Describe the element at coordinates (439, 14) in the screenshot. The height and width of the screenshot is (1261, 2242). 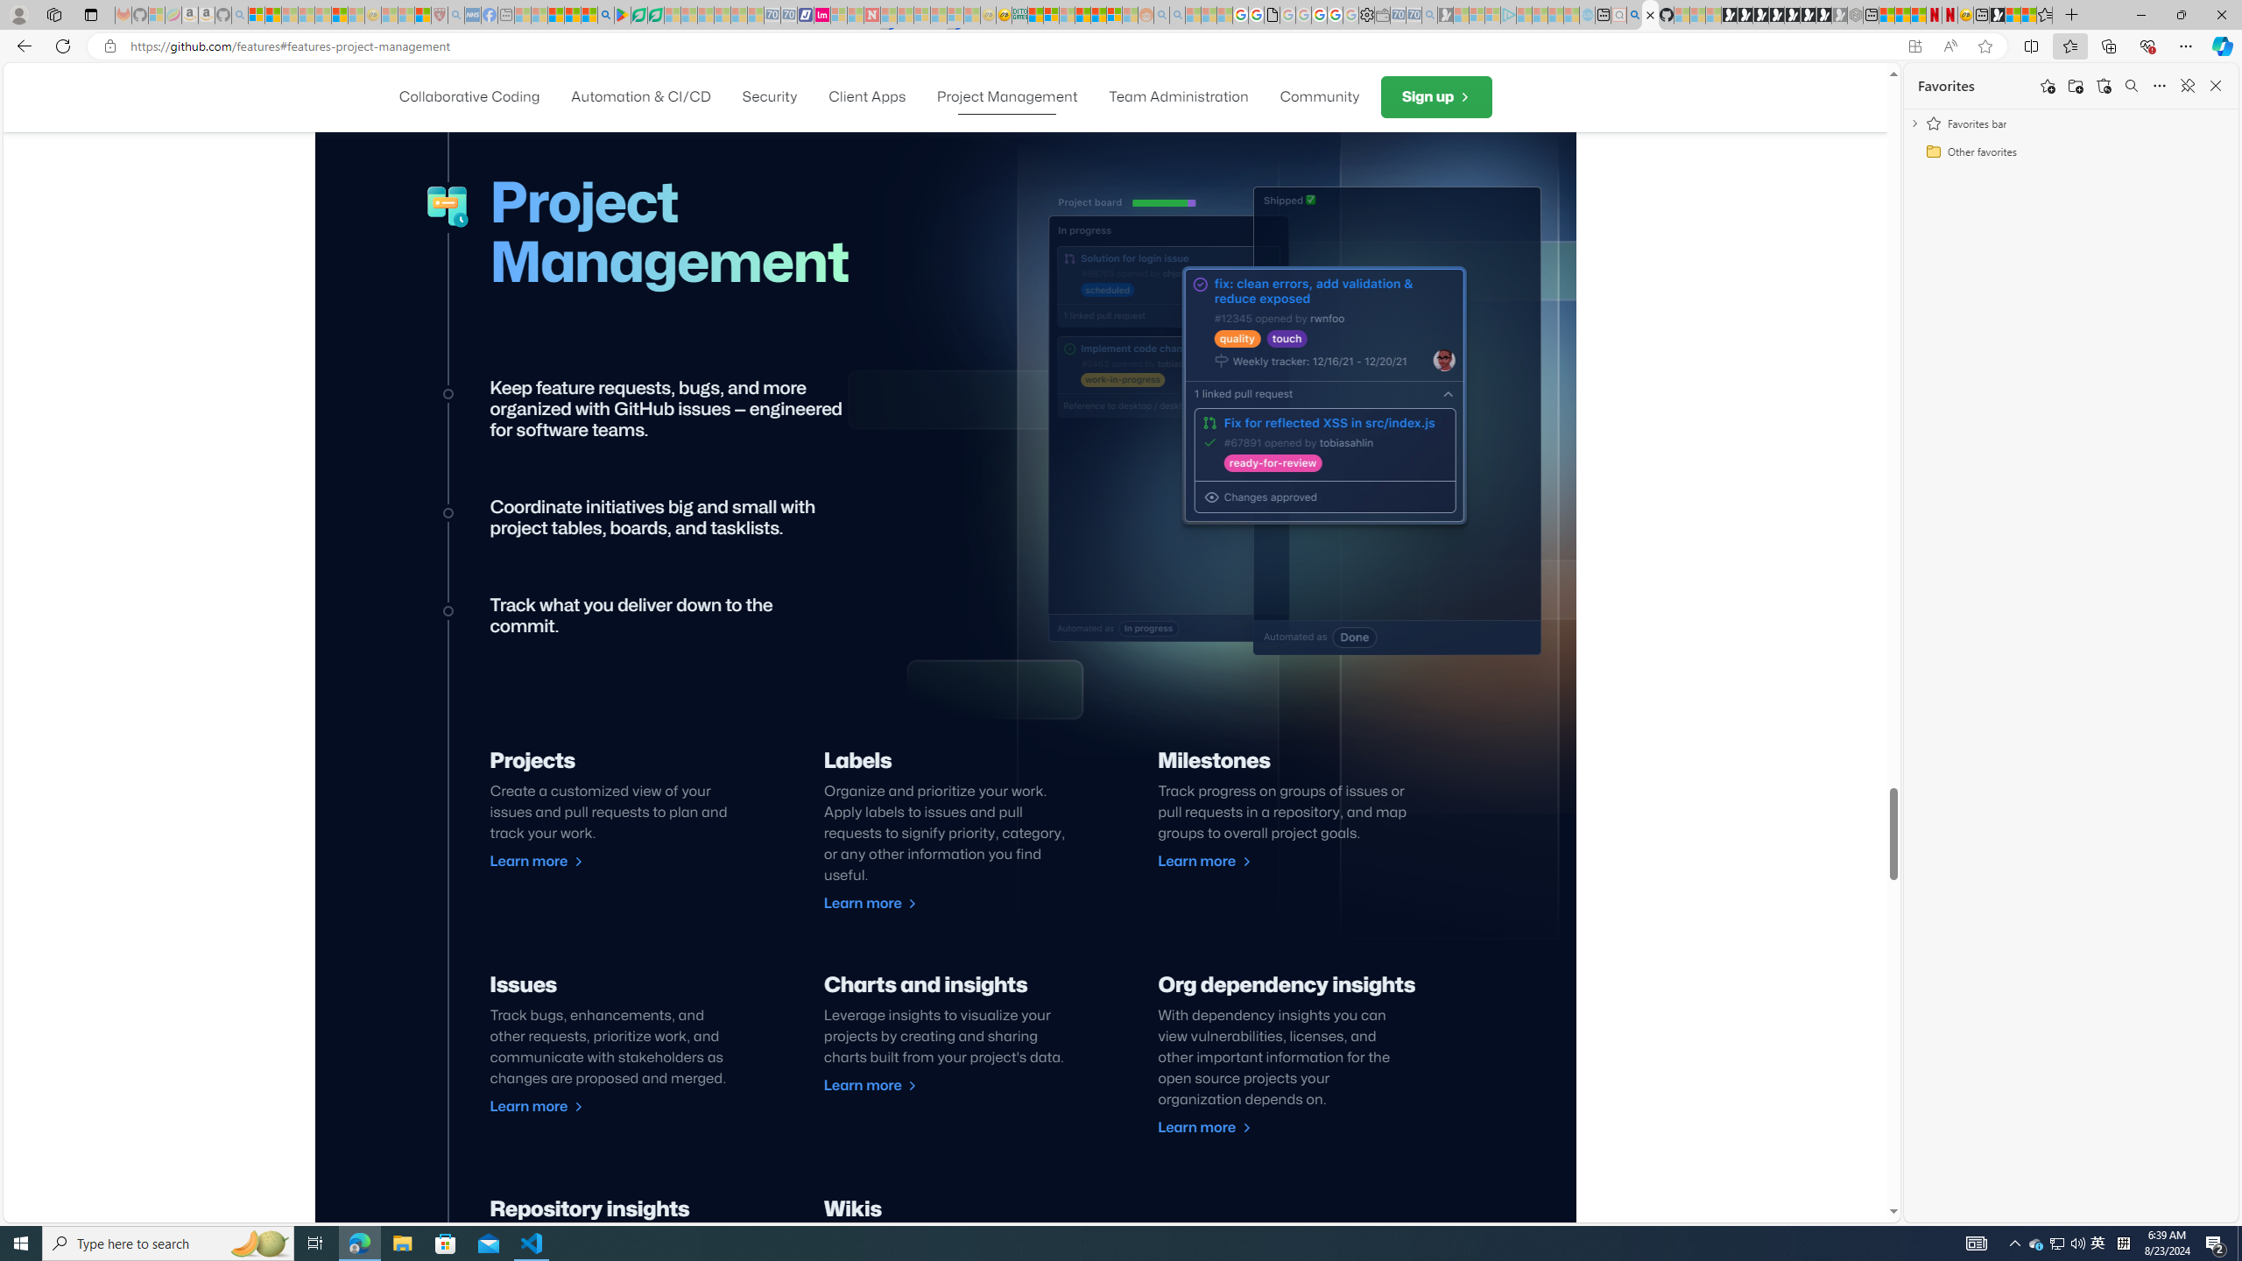
I see `'Robert H. Shmerling, MD - Harvard Health - Sleeping'` at that location.